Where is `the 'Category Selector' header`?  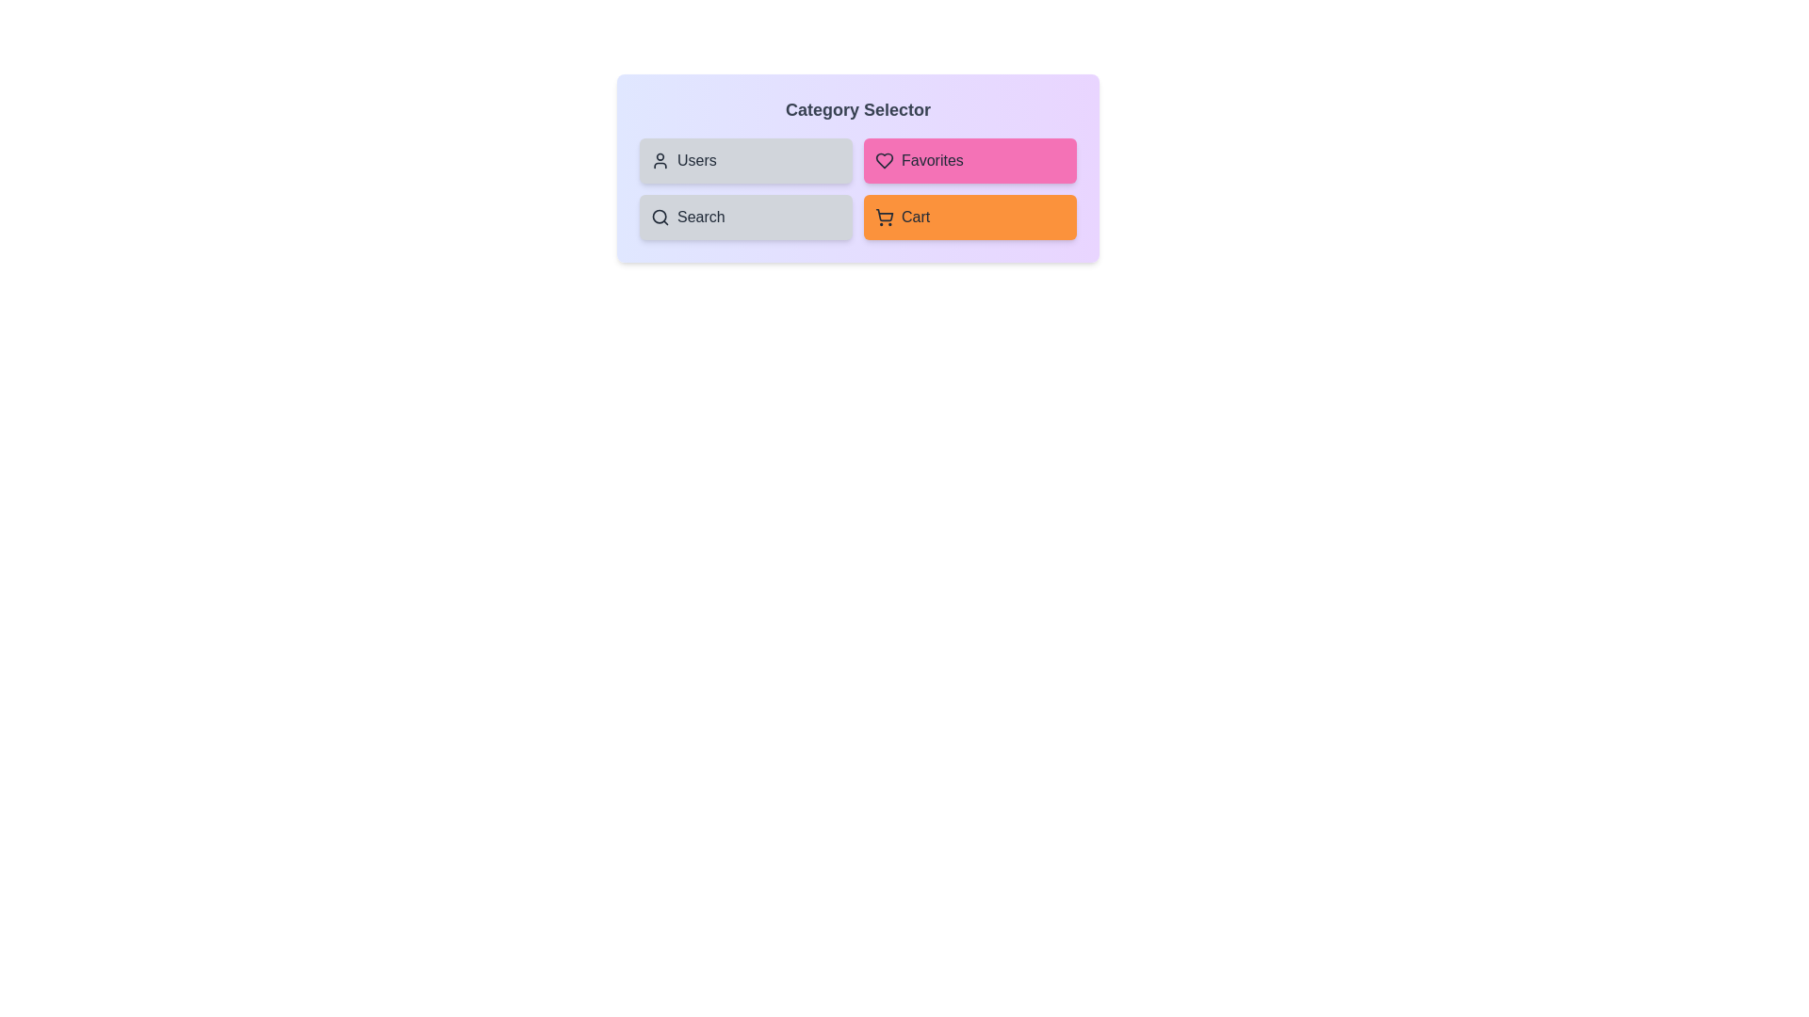
the 'Category Selector' header is located at coordinates (857, 109).